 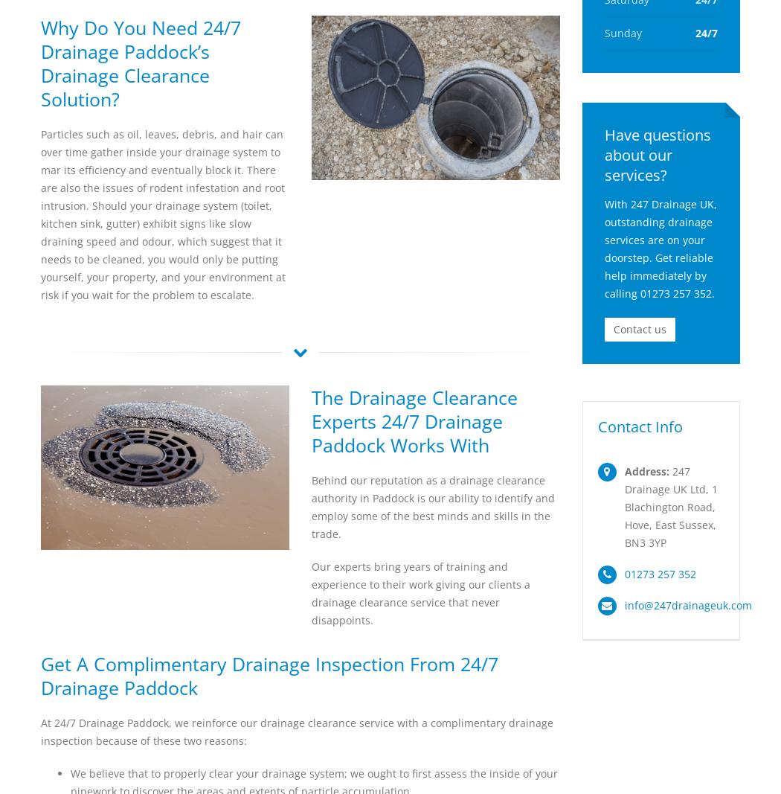 I want to click on 'Sunday', so click(x=622, y=32).